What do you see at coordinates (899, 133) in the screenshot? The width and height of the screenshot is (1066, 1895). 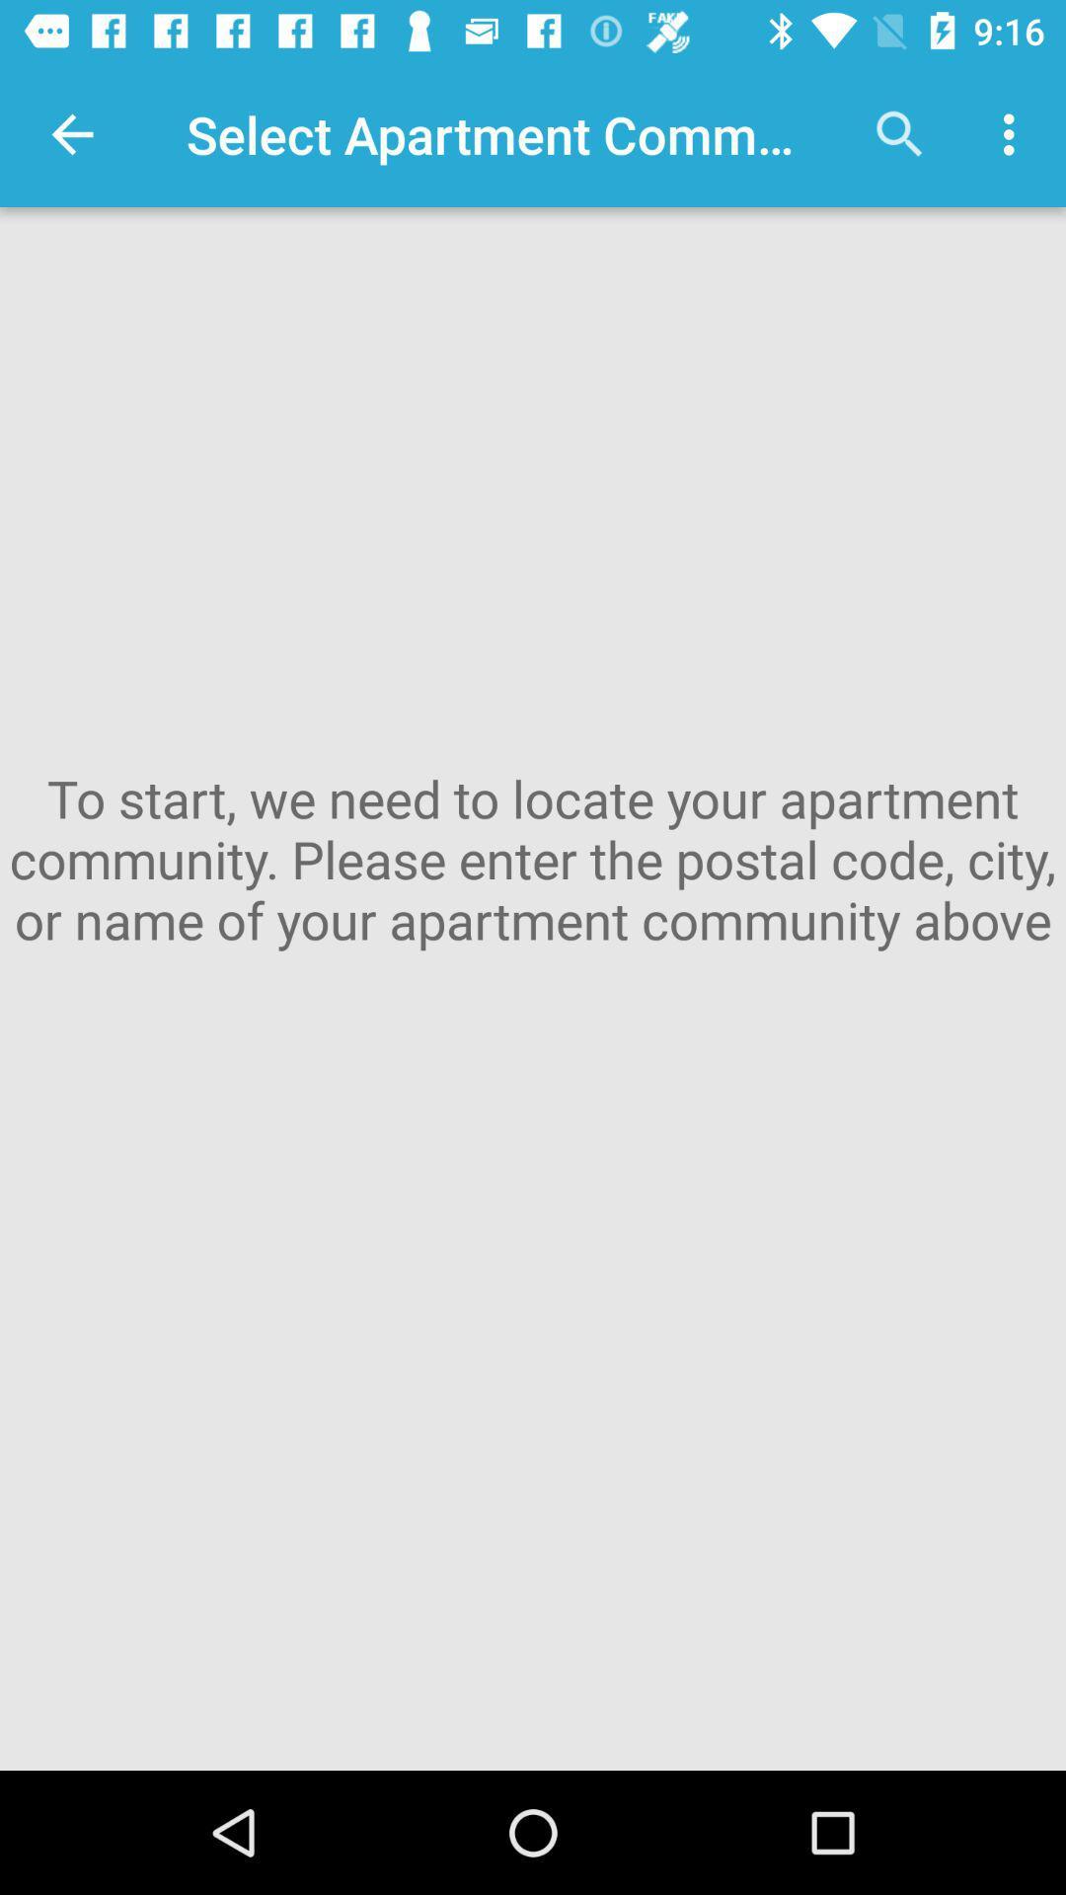 I see `icon to the right of the select apartment community app` at bounding box center [899, 133].